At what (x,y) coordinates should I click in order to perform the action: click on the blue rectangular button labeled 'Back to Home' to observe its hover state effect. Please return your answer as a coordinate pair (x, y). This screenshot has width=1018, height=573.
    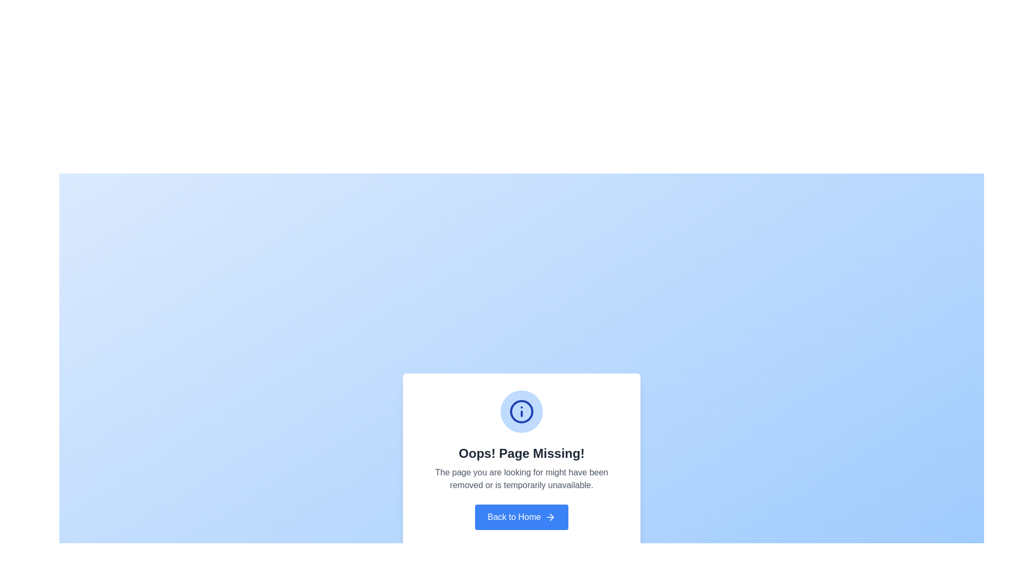
    Looking at the image, I should click on (521, 516).